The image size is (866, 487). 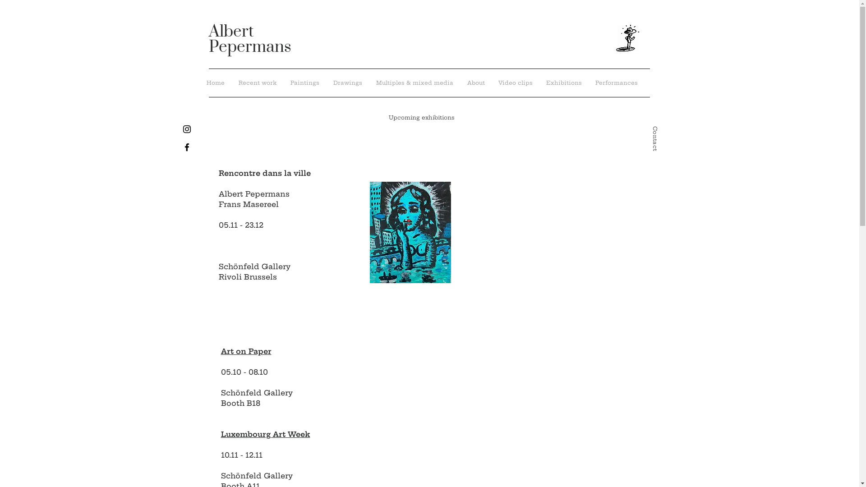 I want to click on 'Contact', so click(x=651, y=129).